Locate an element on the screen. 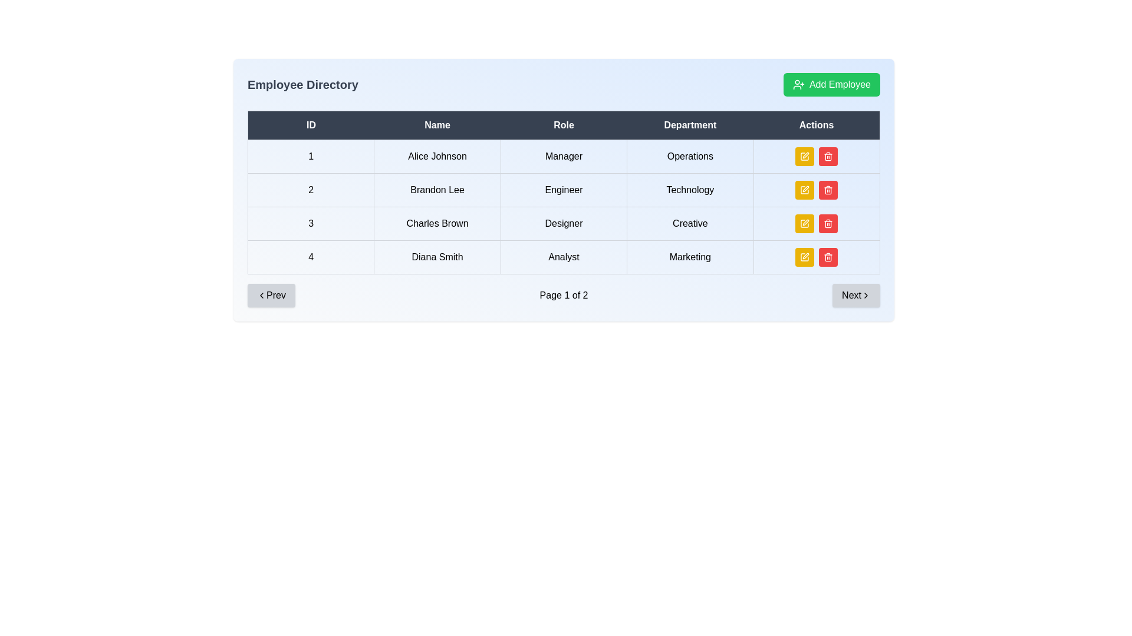 The image size is (1132, 636). the edit icon in the Actions column of the table for Charles Brown - Designer - Creative is located at coordinates (804, 156).